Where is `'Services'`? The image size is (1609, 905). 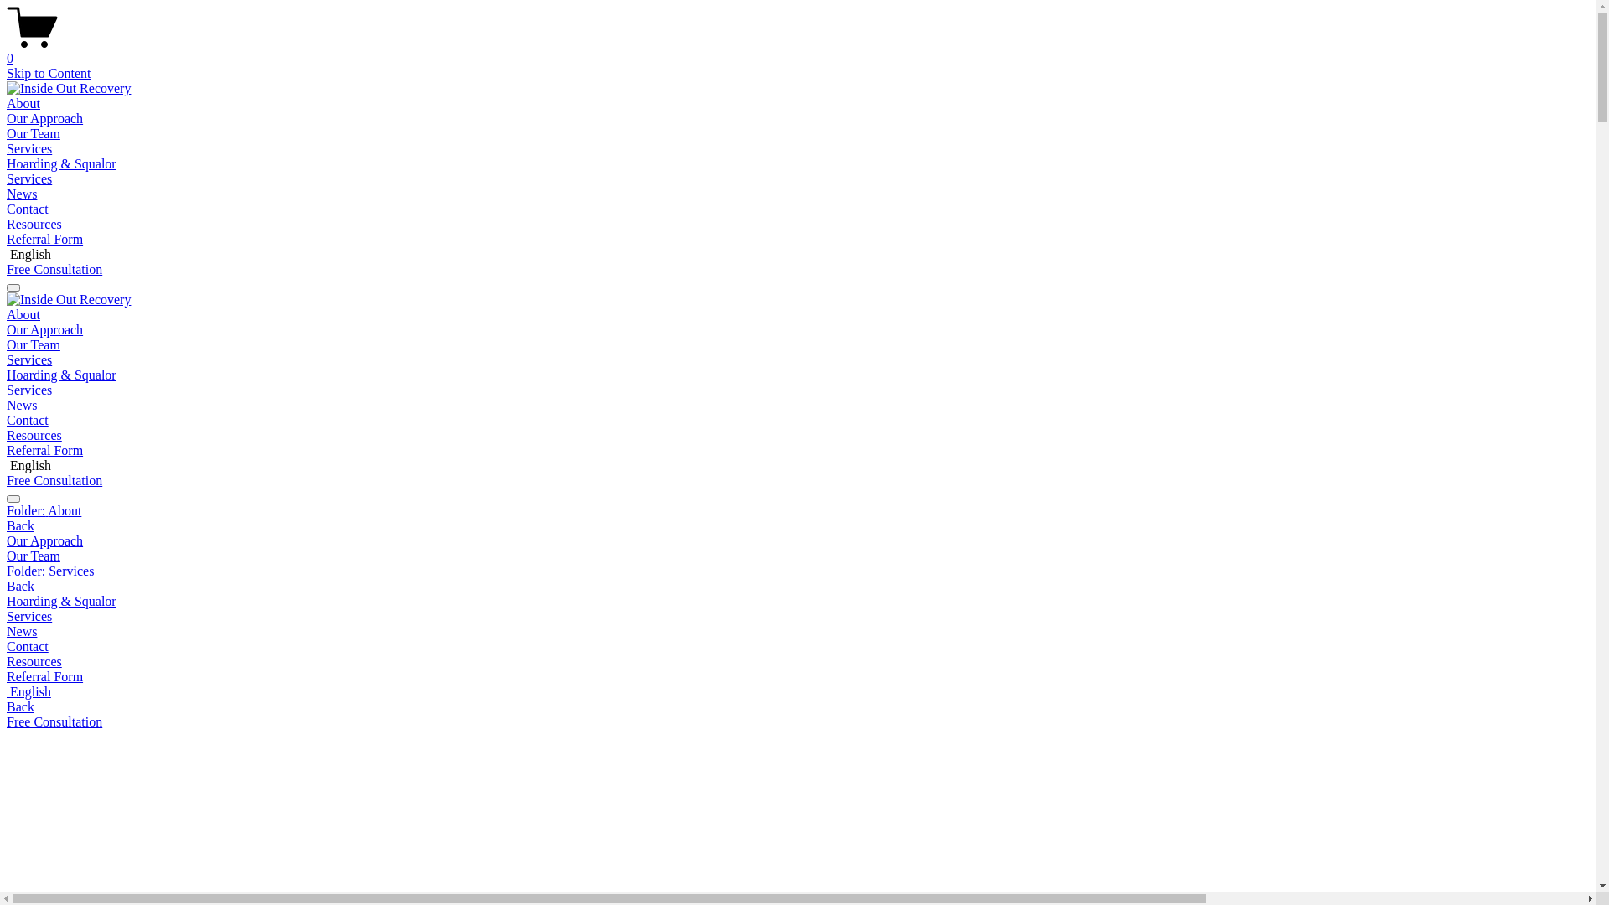 'Services' is located at coordinates (28, 359).